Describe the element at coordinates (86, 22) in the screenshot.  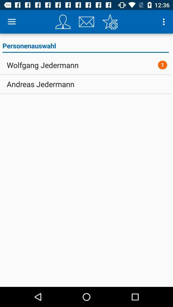
I see `messages` at that location.